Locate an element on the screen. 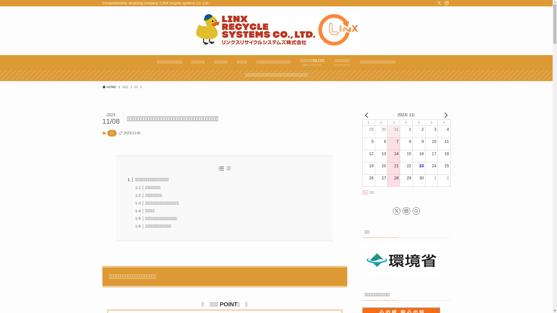 The height and width of the screenshot is (313, 557). 'HOME' is located at coordinates (109, 87).